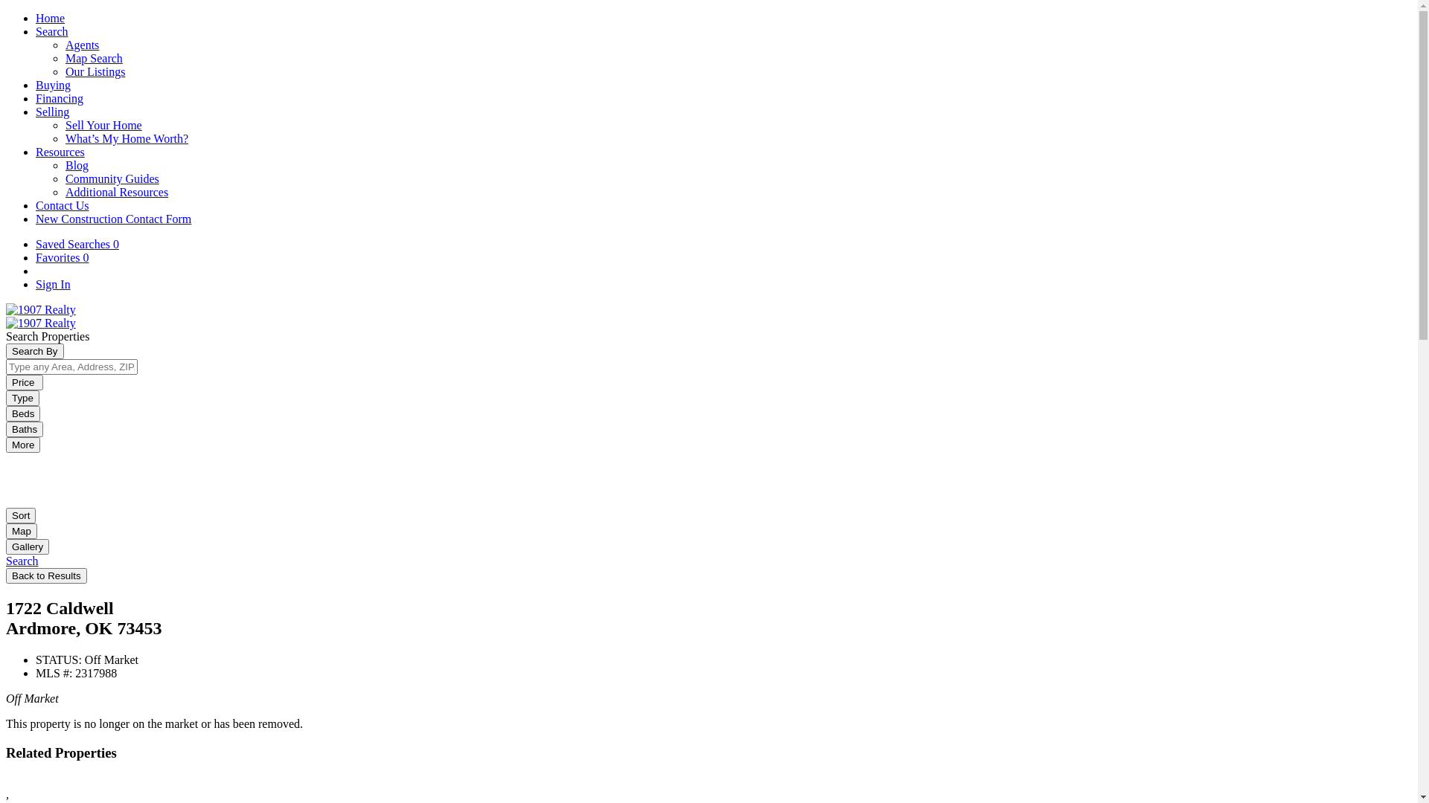 The height and width of the screenshot is (803, 1429). I want to click on 'Gallery', so click(6, 546).